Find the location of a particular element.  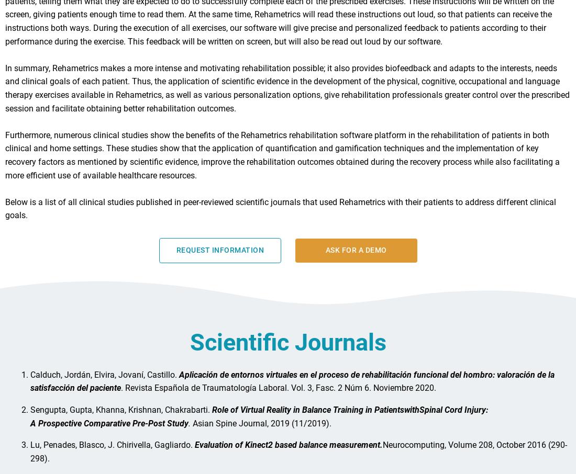

'. Revista Española de Traumatología Laboral. Vol. 3, Fasc. 2 Núm 6. Noviembre 2020.' is located at coordinates (121, 392).